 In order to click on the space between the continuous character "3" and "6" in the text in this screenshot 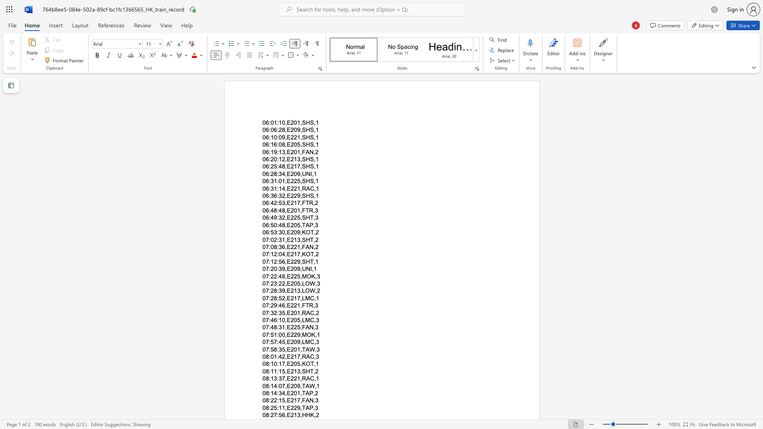, I will do `click(274, 196)`.